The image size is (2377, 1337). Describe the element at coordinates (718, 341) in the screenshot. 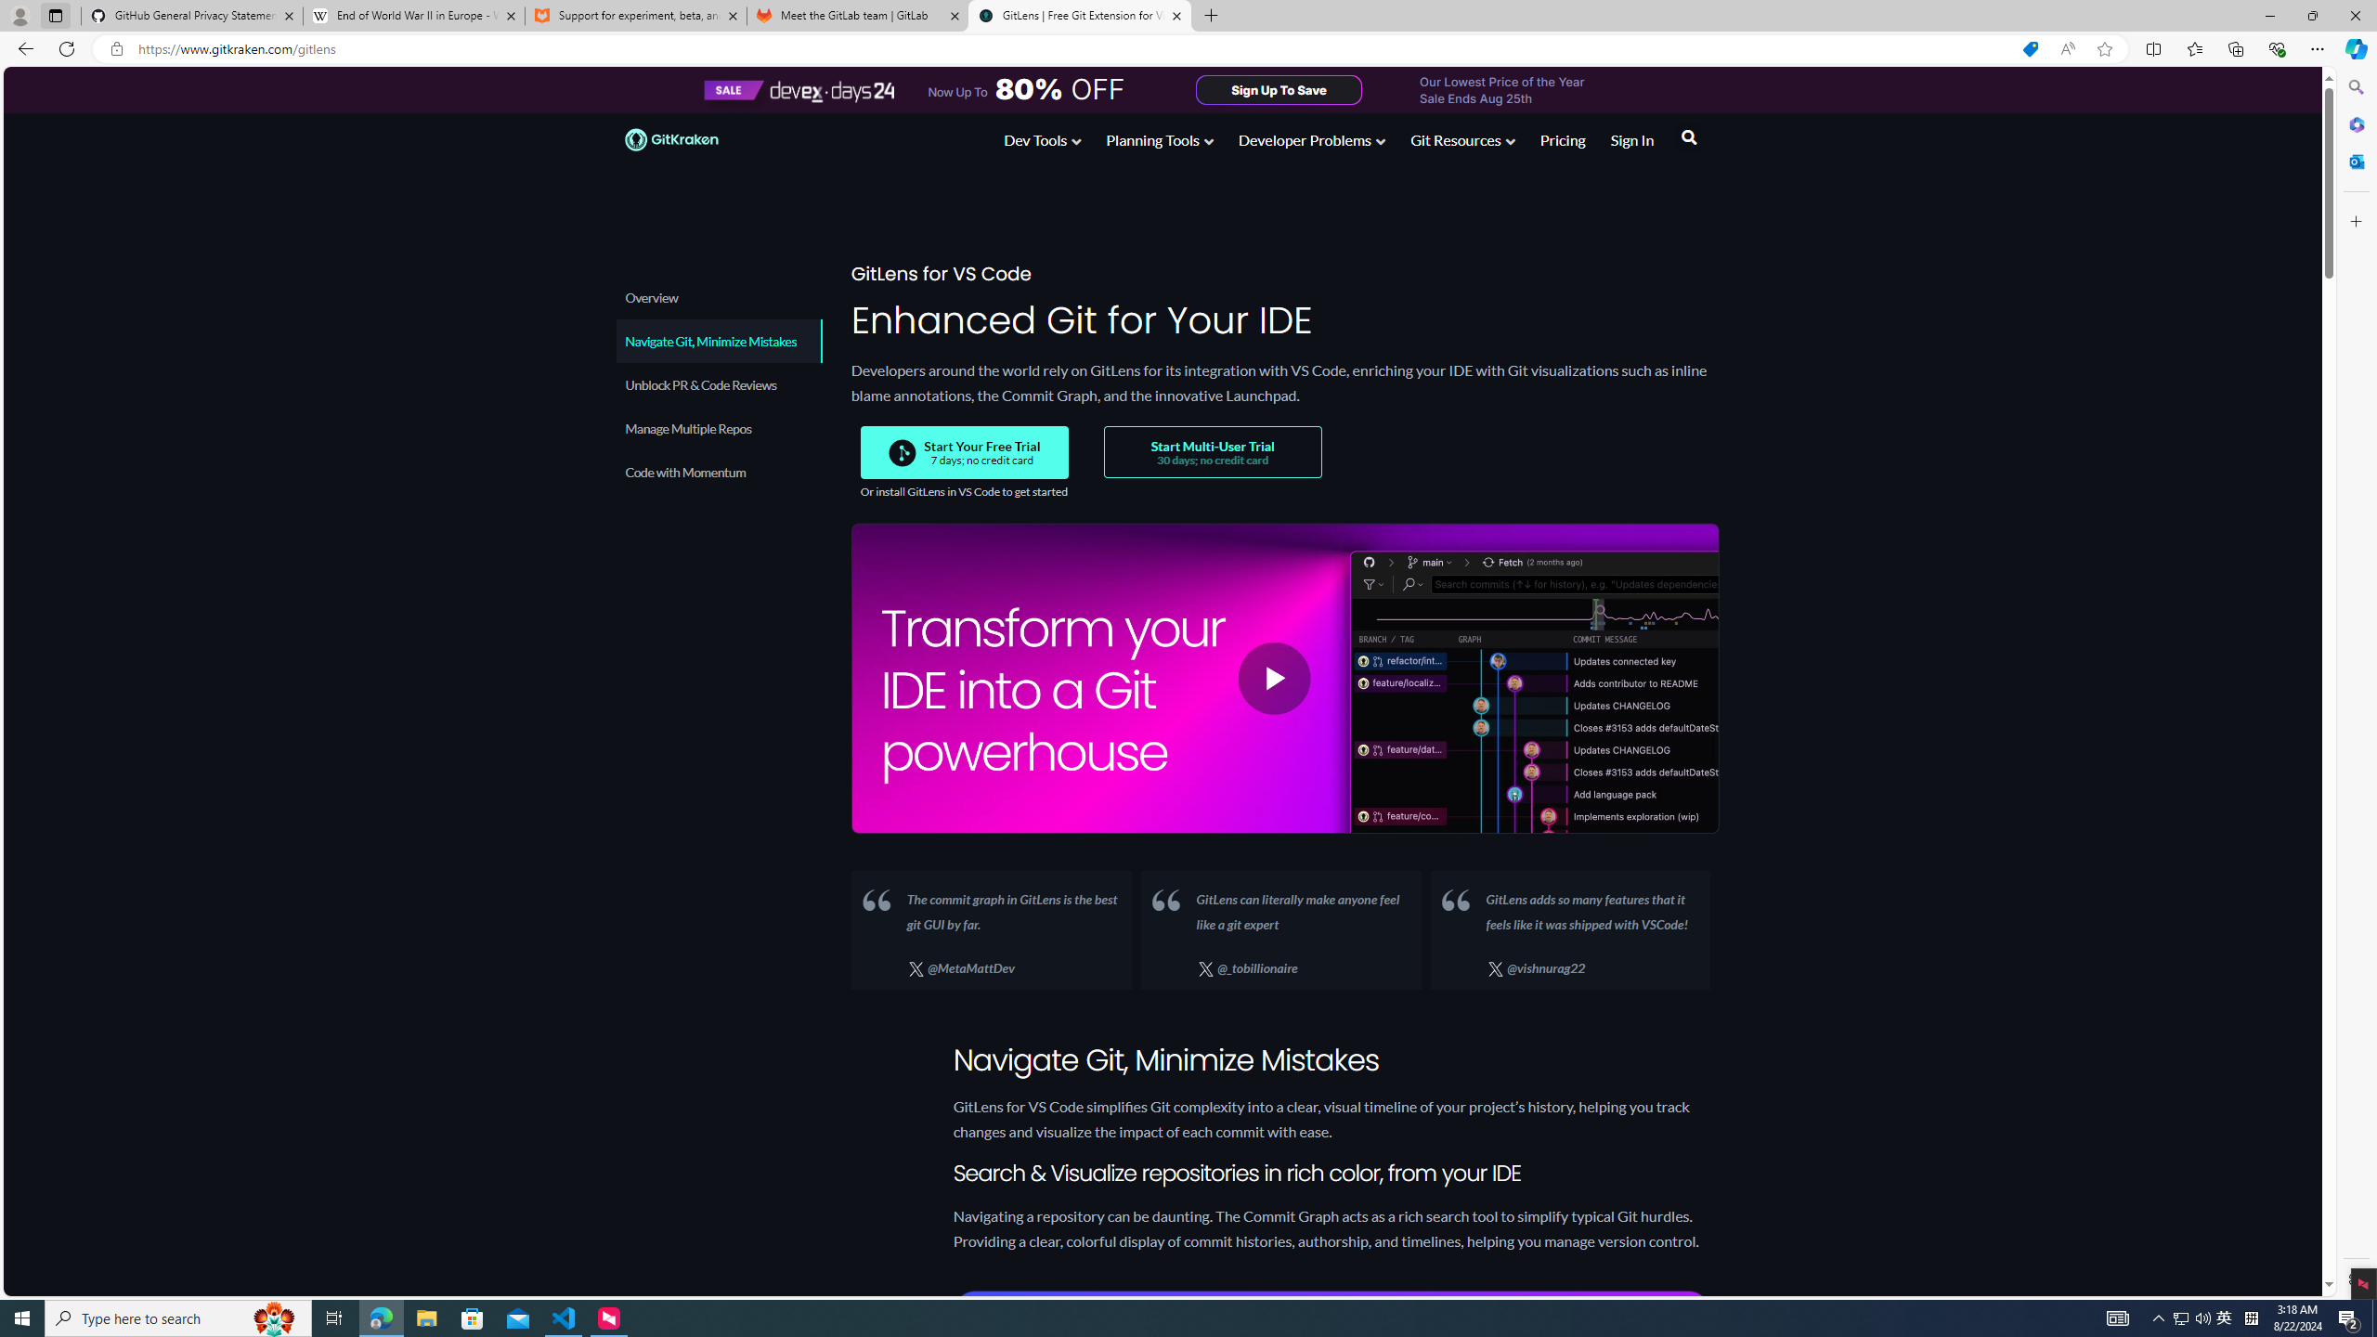

I see `'Navigate Git, Minimize Mistakes'` at that location.